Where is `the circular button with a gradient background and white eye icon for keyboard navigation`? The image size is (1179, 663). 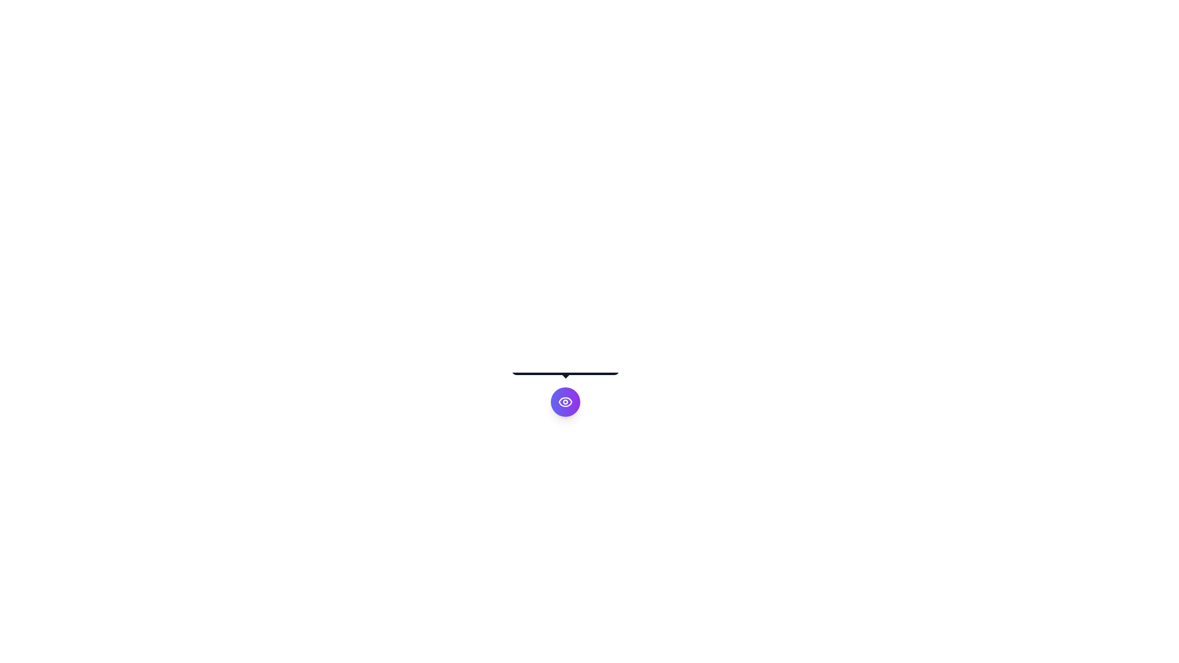
the circular button with a gradient background and white eye icon for keyboard navigation is located at coordinates (565, 402).